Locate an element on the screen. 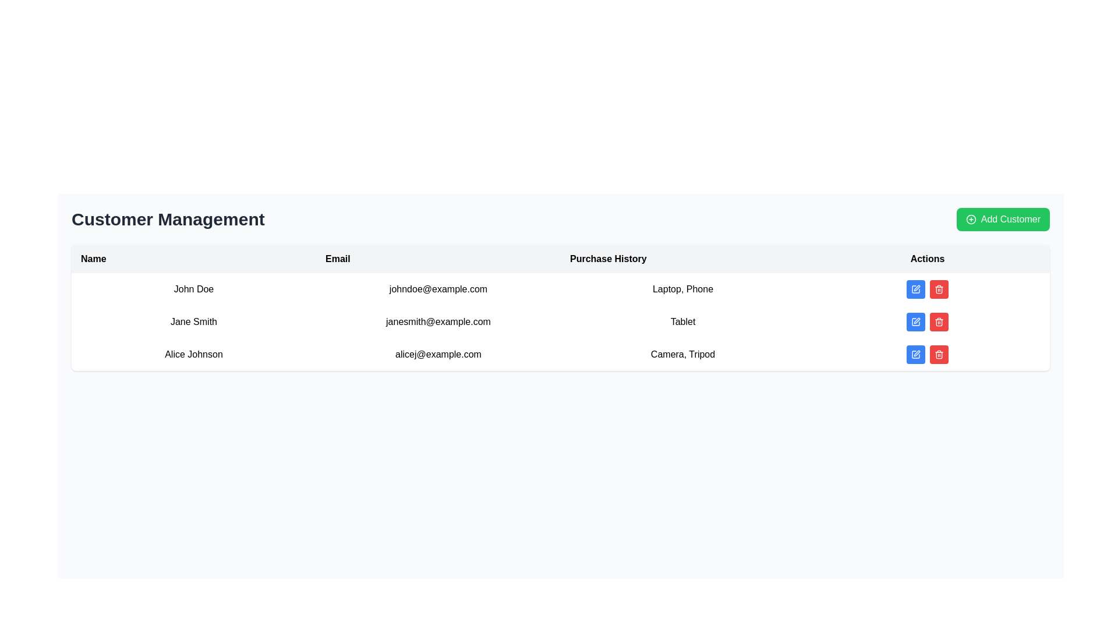 This screenshot has width=1118, height=629. the email display element showing 'alicej@example.com' in the second cell of the 'Email' column for the user 'Alice Johnson' is located at coordinates (438, 354).